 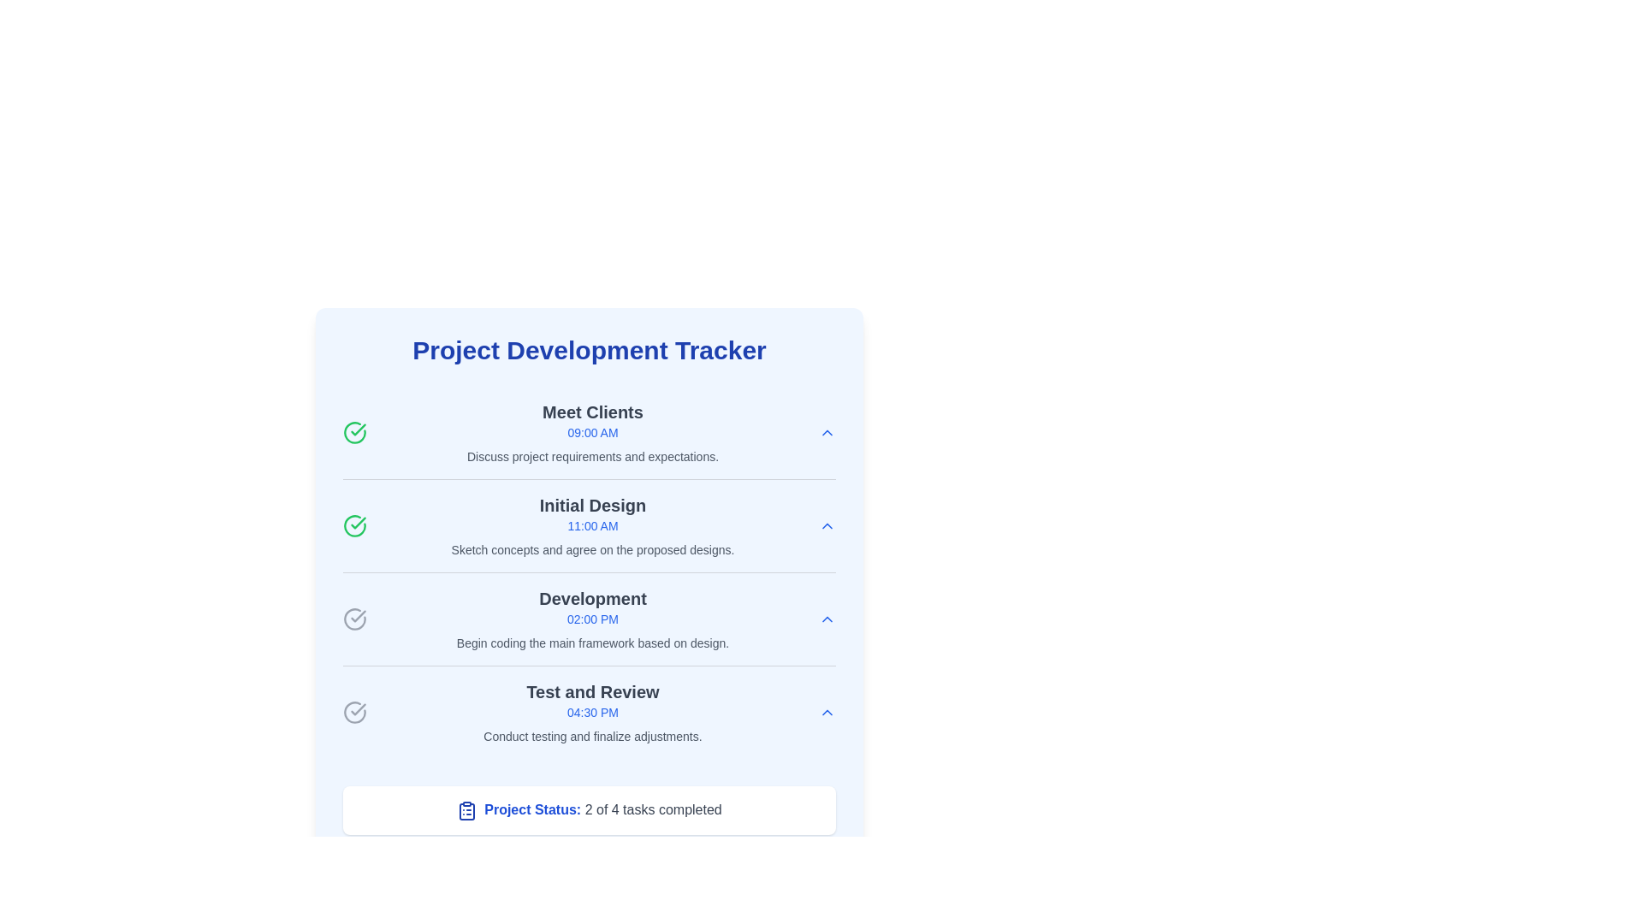 What do you see at coordinates (590, 619) in the screenshot?
I see `the task list item displaying 'Development' with the subheading '02:00 PM' and description 'Begin coding the main framework based on design.'` at bounding box center [590, 619].